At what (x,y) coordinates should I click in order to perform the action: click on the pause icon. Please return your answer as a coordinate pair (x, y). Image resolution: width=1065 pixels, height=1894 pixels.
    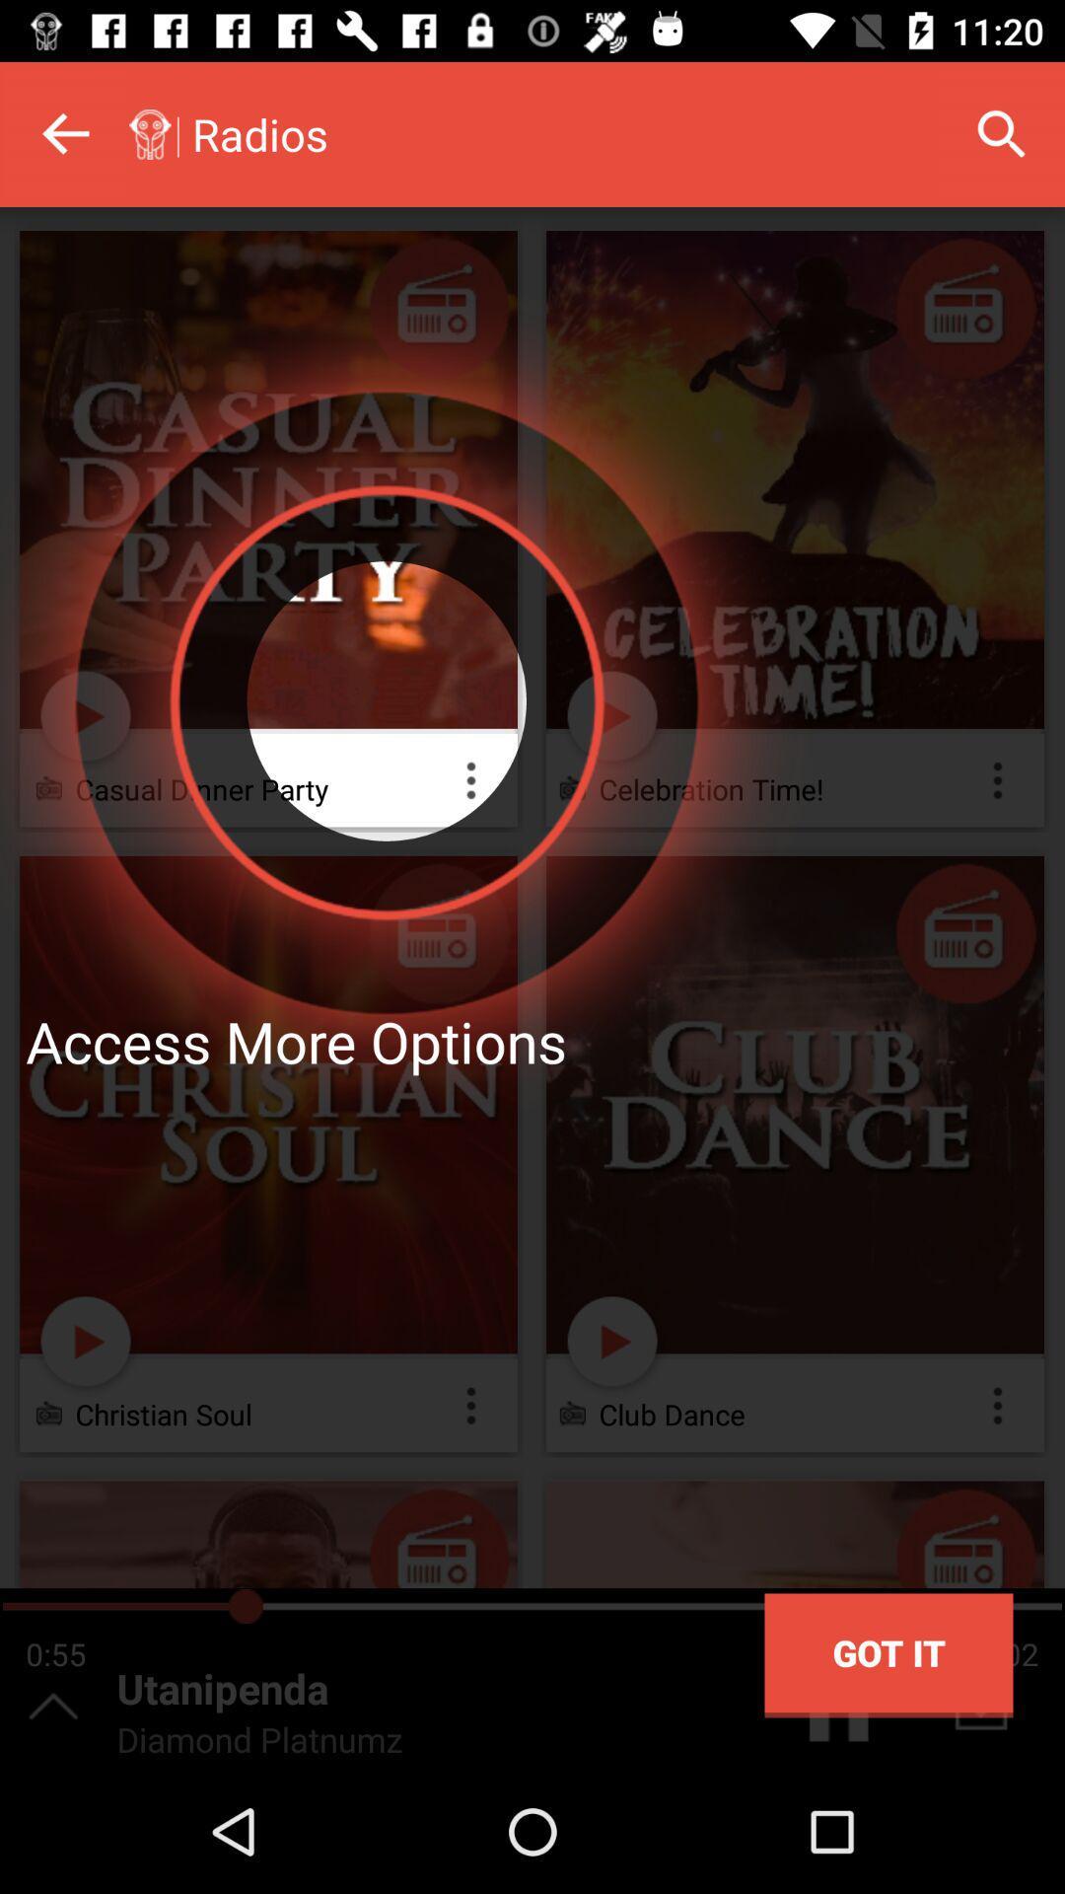
    Looking at the image, I should click on (842, 1710).